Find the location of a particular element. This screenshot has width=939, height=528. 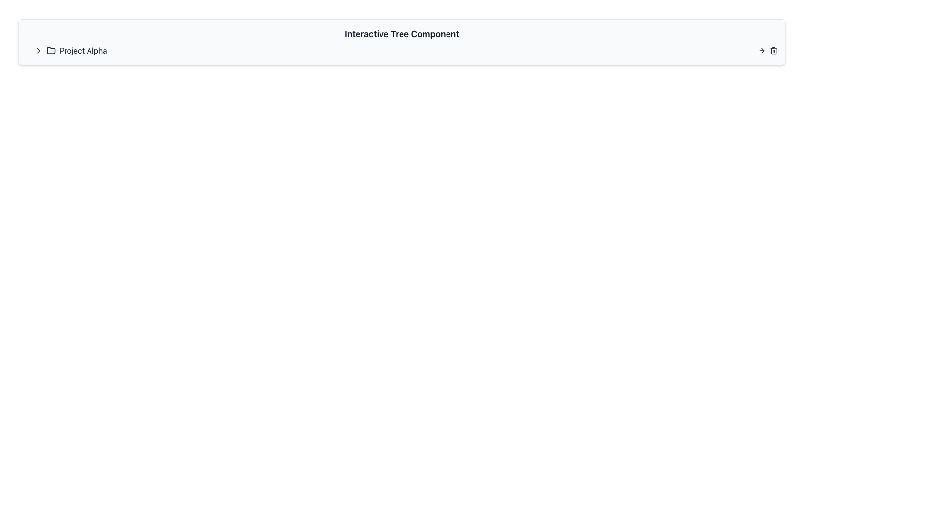

the forward navigation icon located at the top-right side of the interface is located at coordinates (762, 51).